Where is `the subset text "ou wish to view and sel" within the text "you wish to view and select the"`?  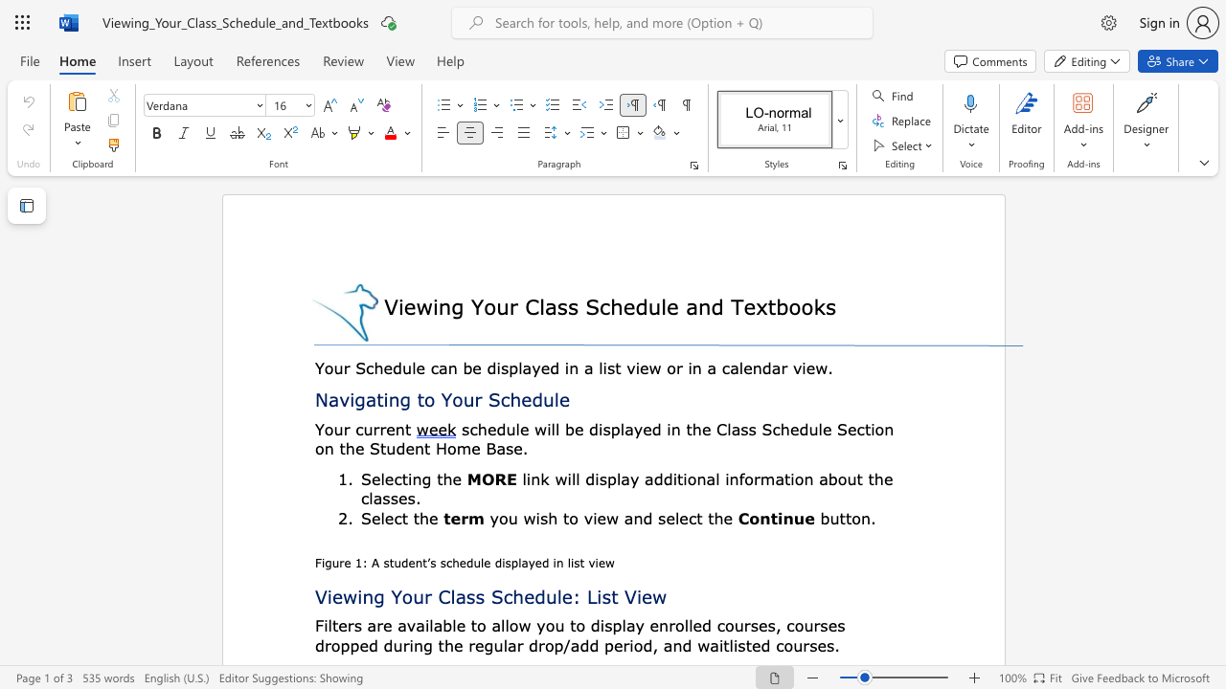 the subset text "ou wish to view and sel" within the text "you wish to view and select the" is located at coordinates (498, 518).